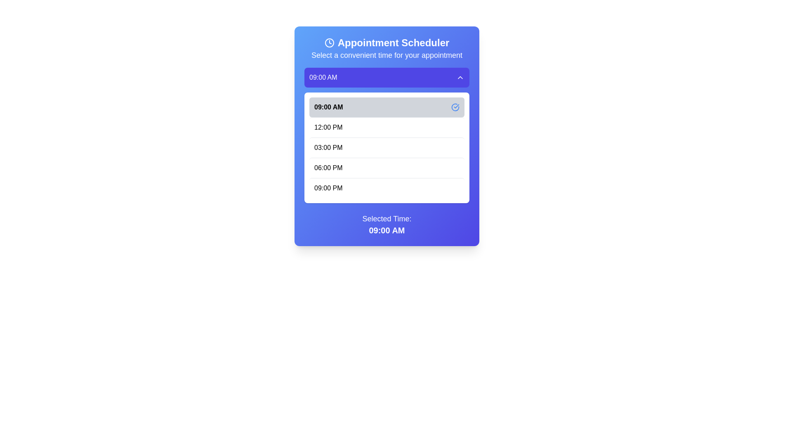 The width and height of the screenshot is (792, 446). I want to click on the circular blue check mark icon located to the right of the text '09:00 AM' in the dropdown list, so click(455, 107).